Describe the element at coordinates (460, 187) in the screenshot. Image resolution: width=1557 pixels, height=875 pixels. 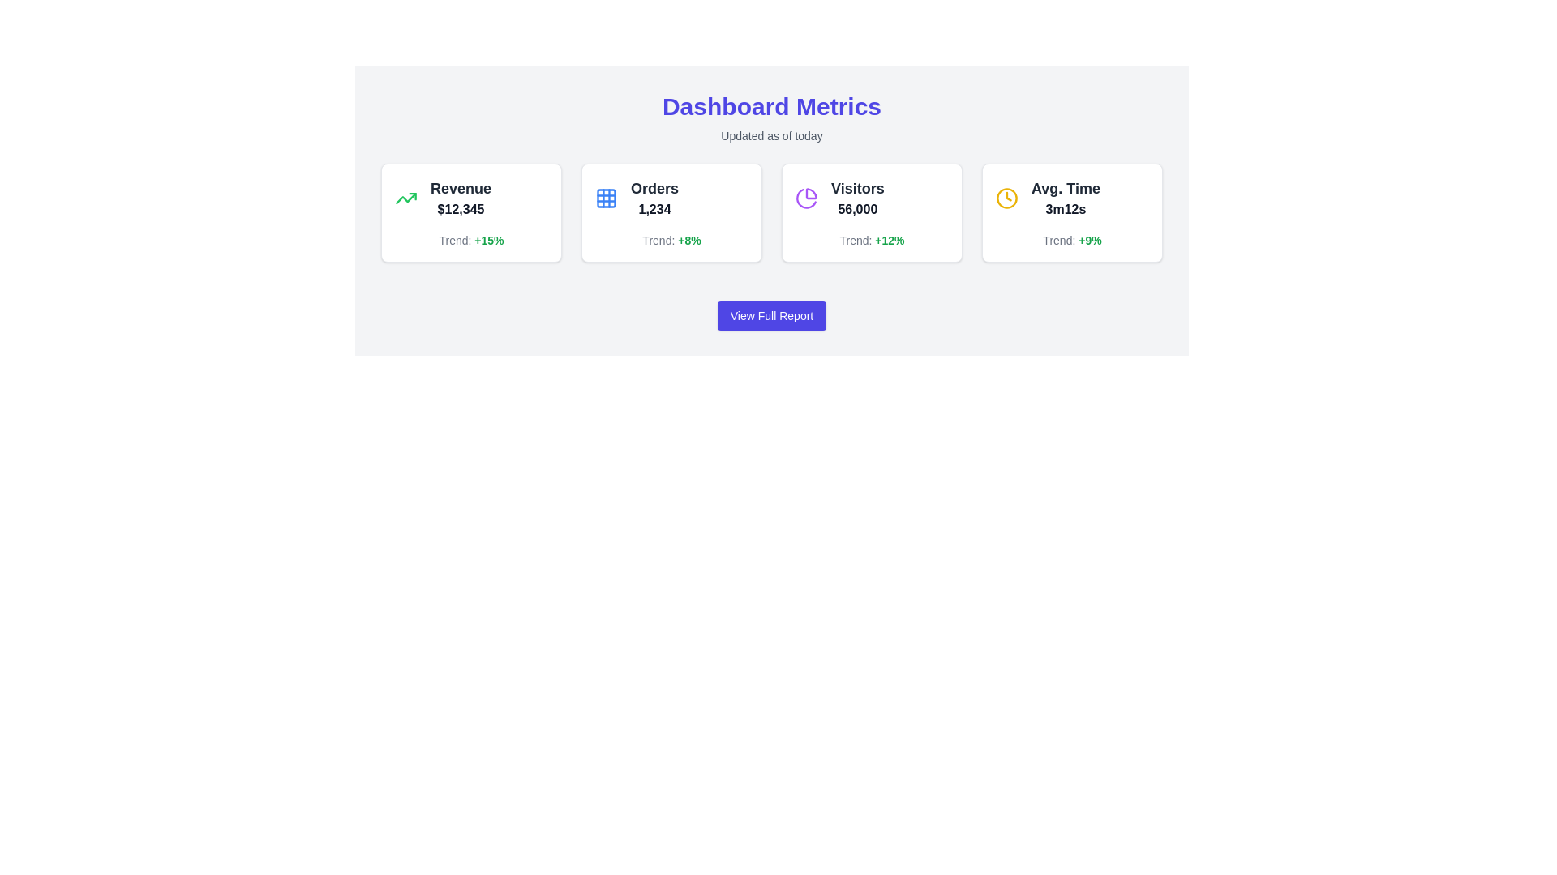
I see `text label indicating revenue located at the top-left of the first card in the dashboard` at that location.